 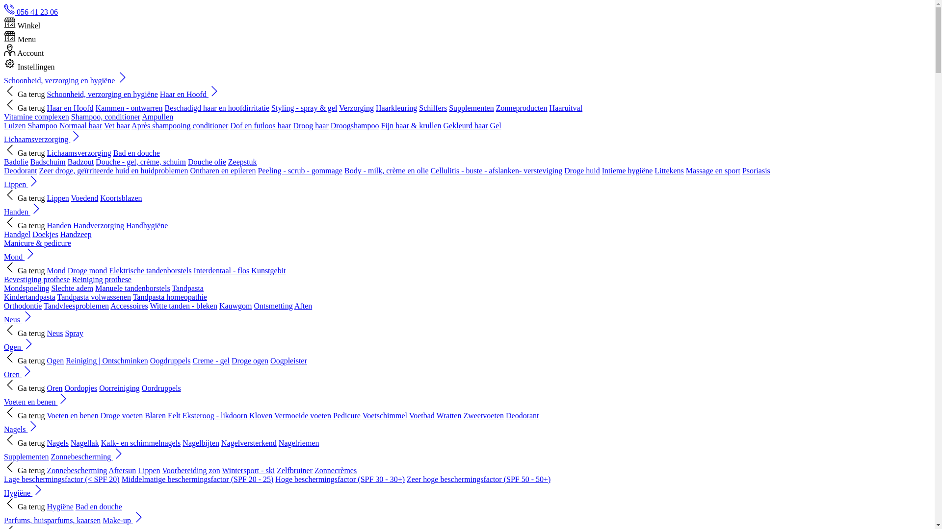 What do you see at coordinates (411, 125) in the screenshot?
I see `'Fijn haar & krullen'` at bounding box center [411, 125].